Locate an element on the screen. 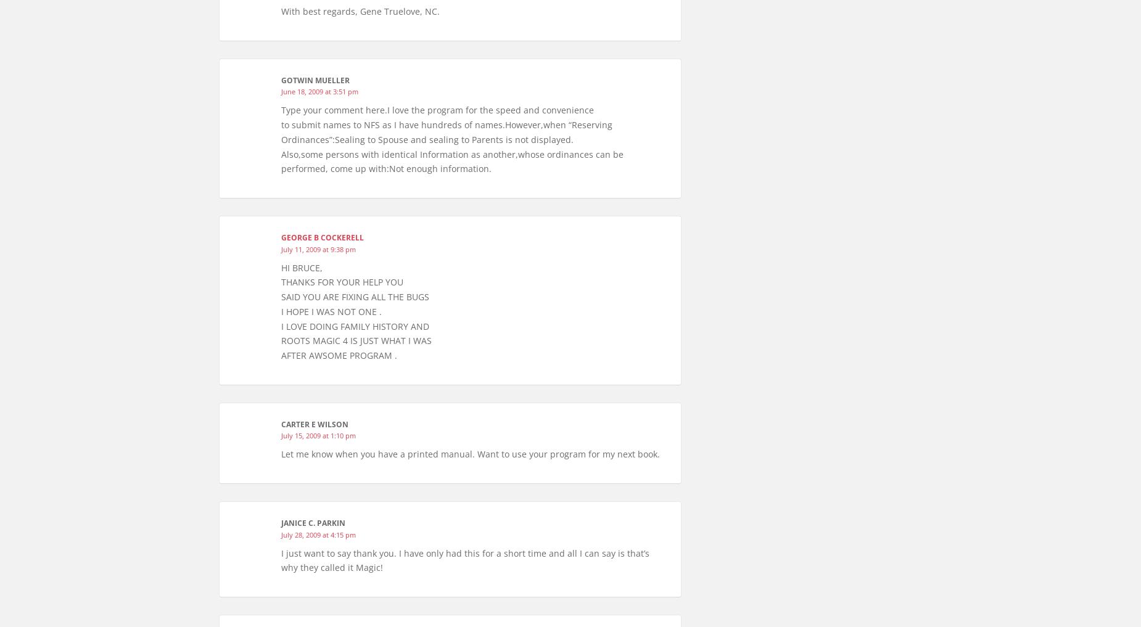  'July 28, 2009 at 4:15 pm' is located at coordinates (318, 534).